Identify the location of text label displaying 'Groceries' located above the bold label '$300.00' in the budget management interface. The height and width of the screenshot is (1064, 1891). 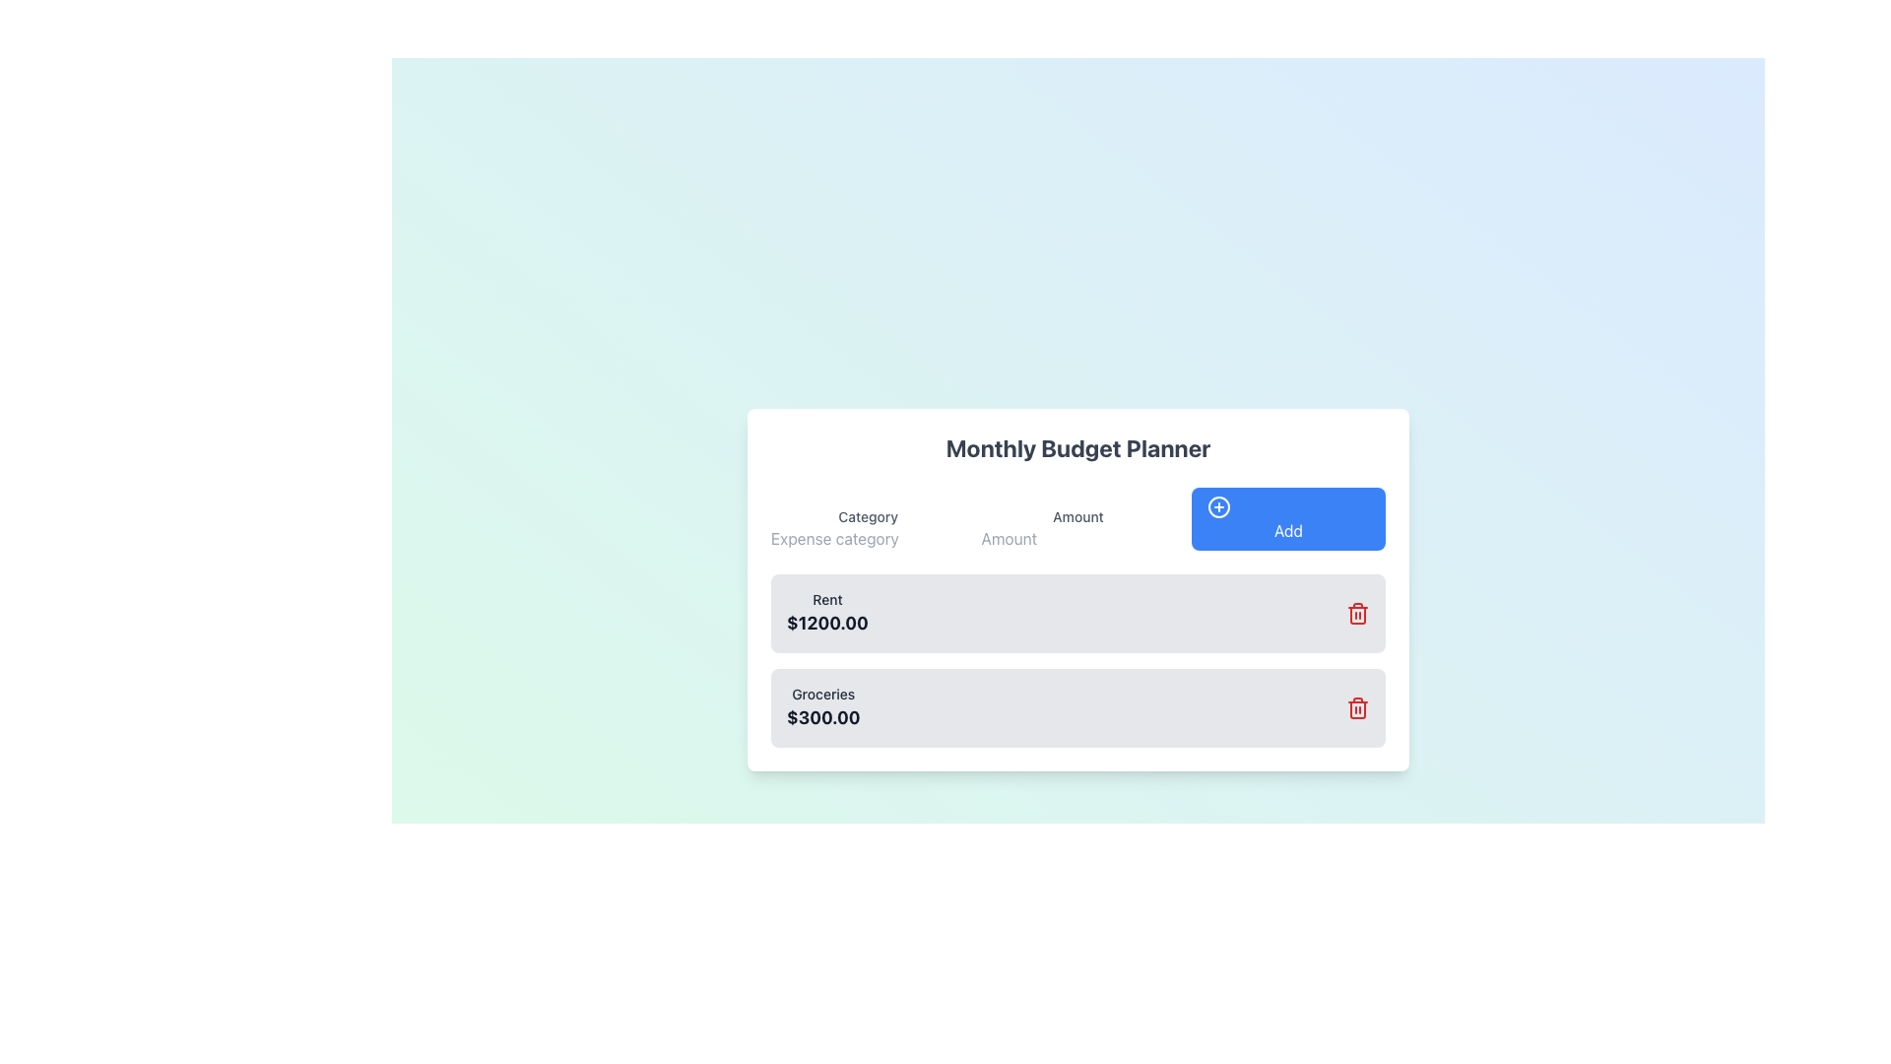
(823, 694).